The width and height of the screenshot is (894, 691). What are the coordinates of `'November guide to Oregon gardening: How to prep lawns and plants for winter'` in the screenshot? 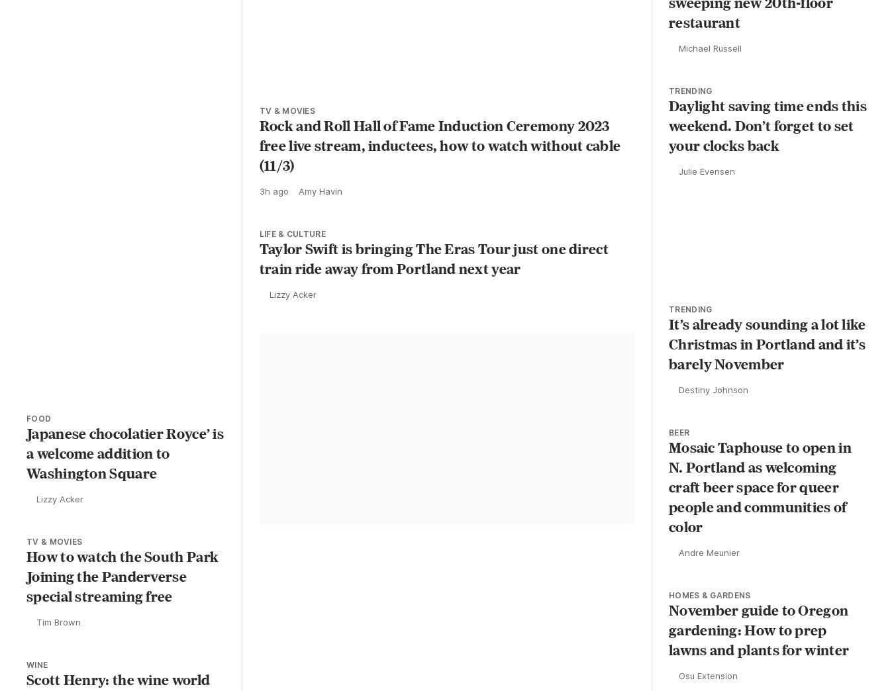 It's located at (758, 649).